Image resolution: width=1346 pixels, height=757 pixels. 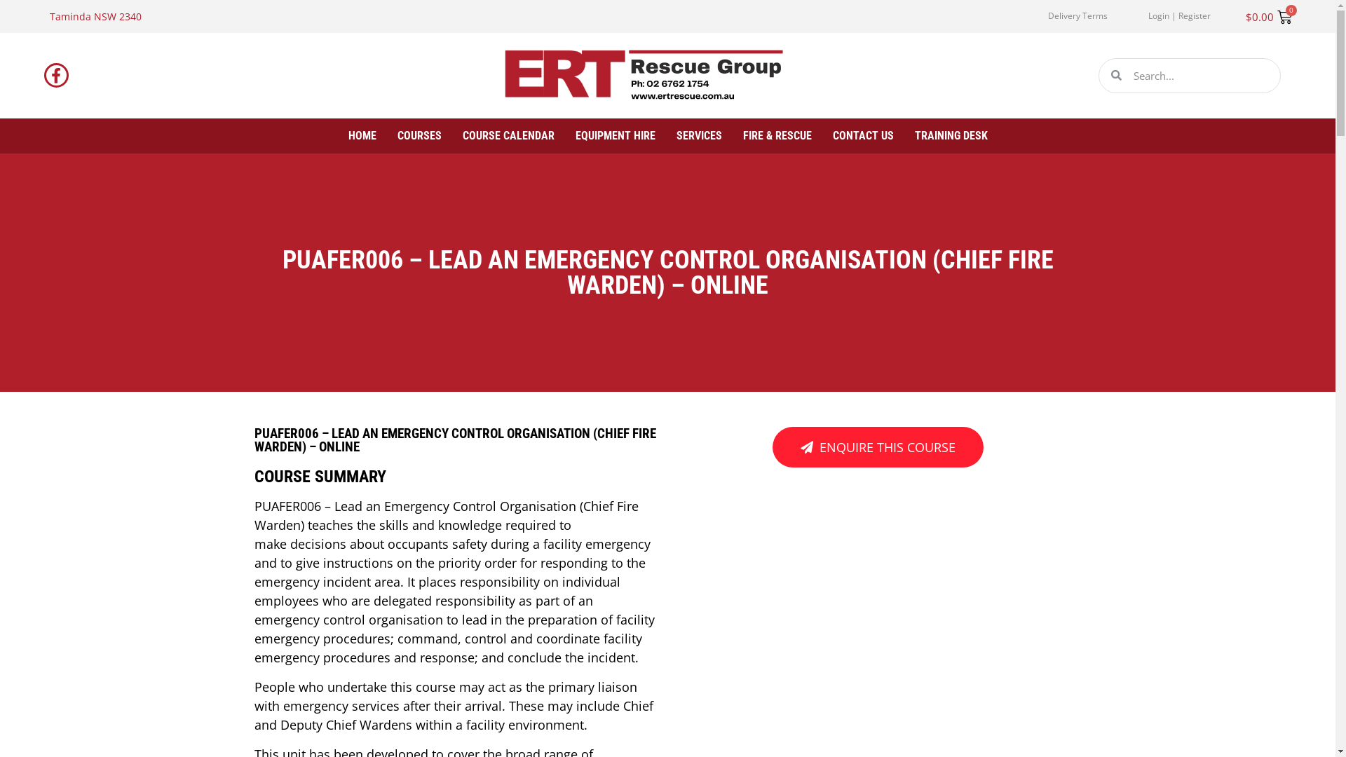 I want to click on '$0.00, so click(x=1268, y=17).